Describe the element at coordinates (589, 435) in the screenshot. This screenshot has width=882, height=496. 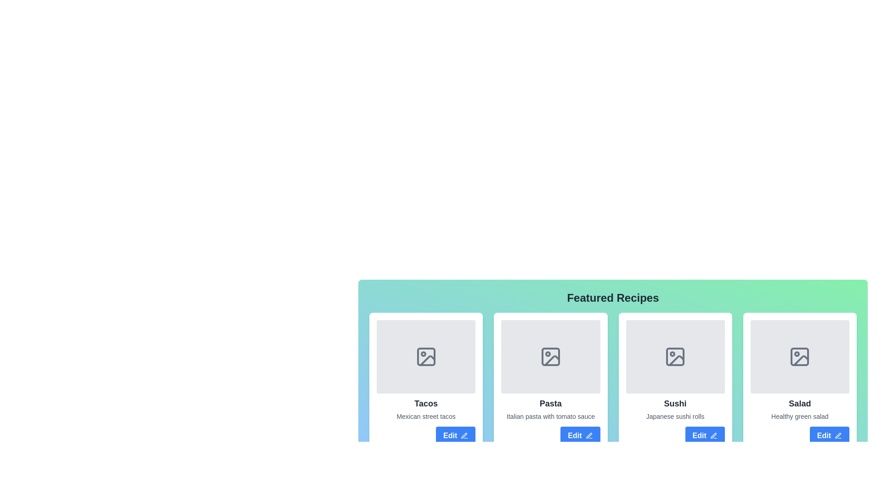
I see `the pen icon located to the right of the 'Edit' button text in the 'Pasta' recipe card` at that location.